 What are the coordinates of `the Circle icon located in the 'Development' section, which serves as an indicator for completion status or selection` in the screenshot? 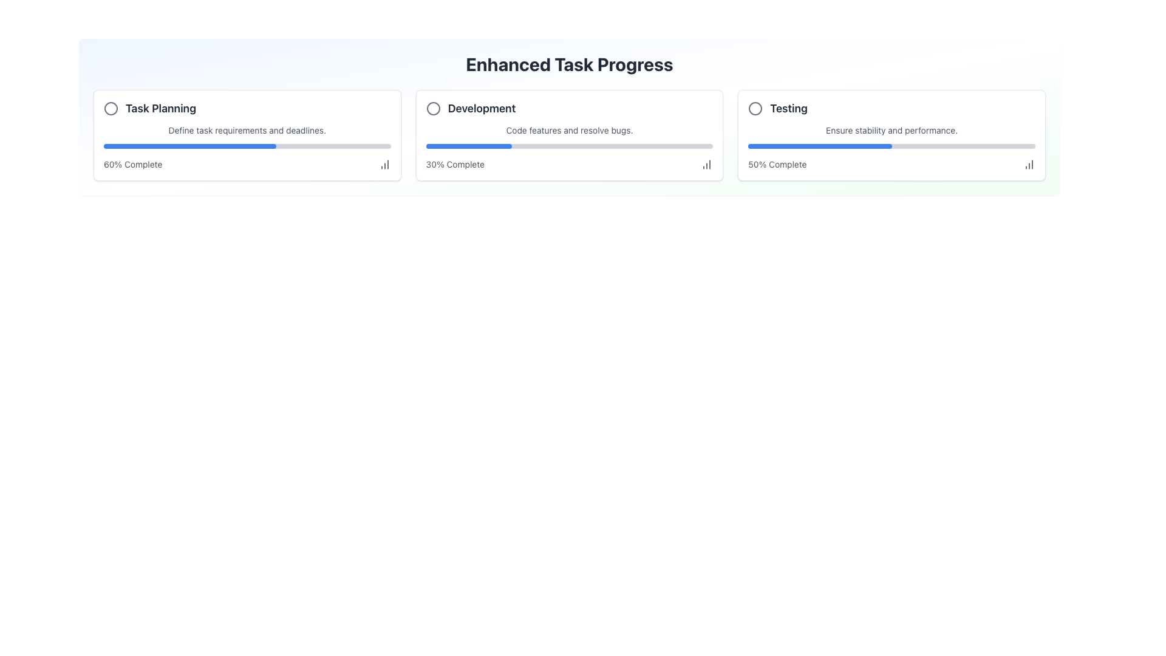 It's located at (433, 108).